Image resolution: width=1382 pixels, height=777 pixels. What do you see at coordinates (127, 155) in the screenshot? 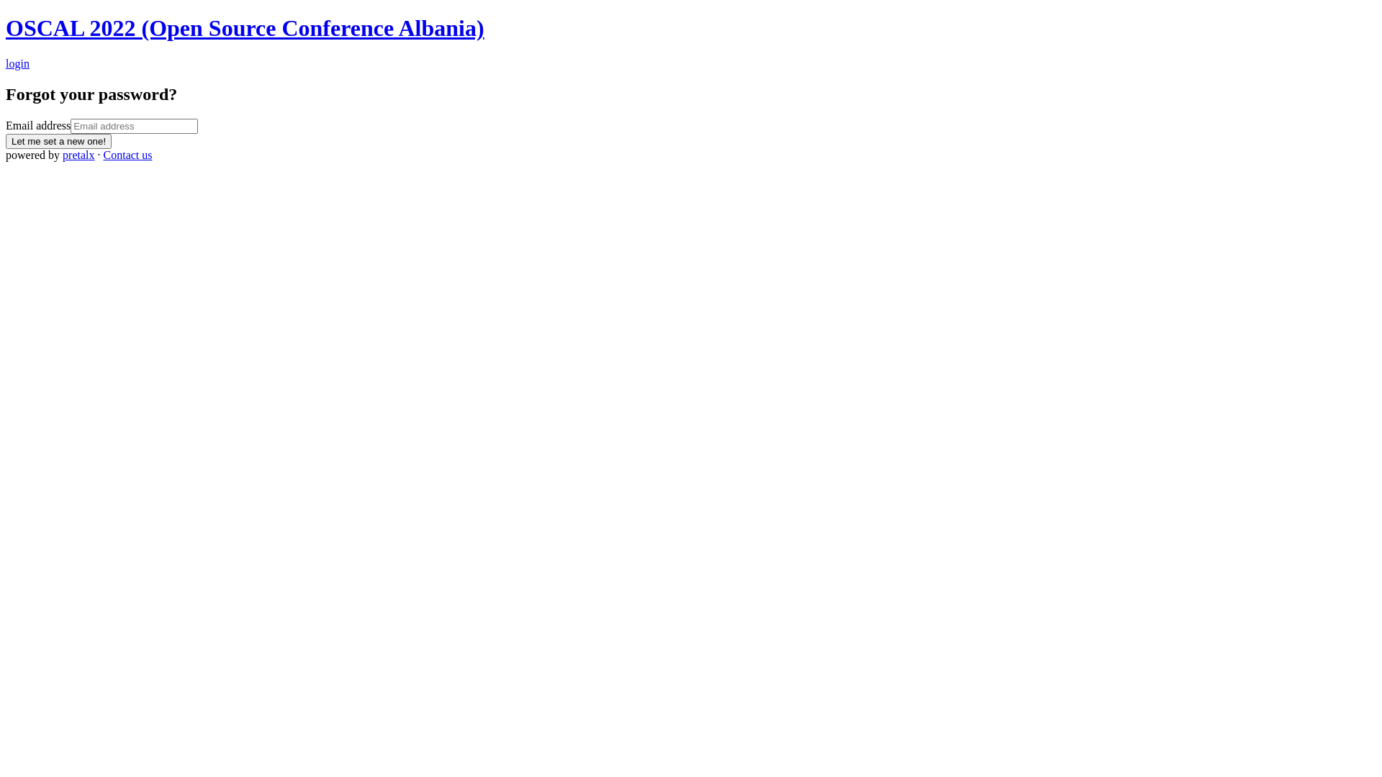
I see `'Contact us'` at bounding box center [127, 155].